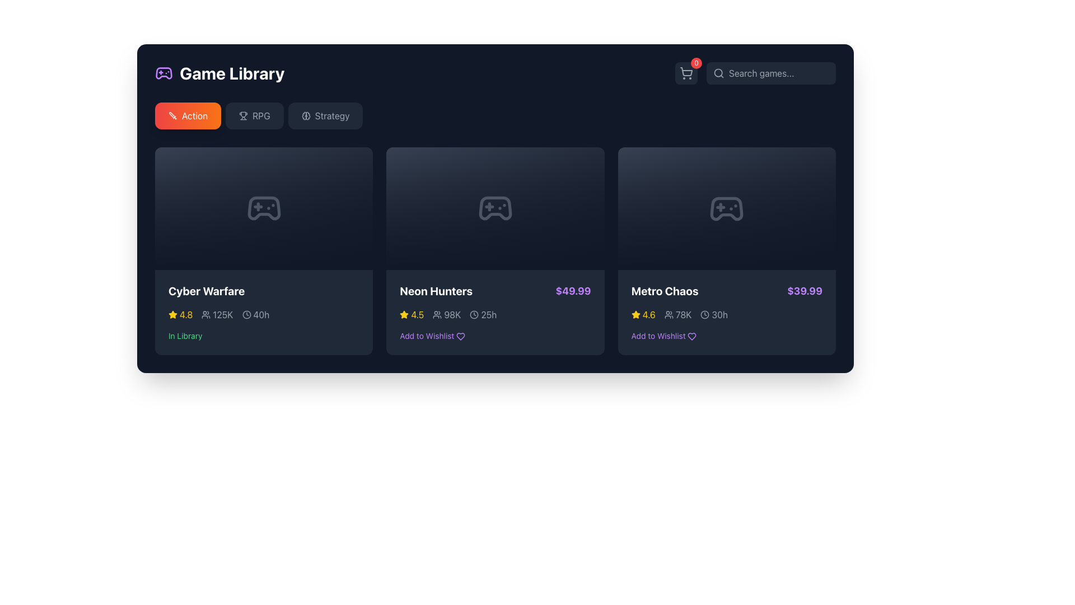  Describe the element at coordinates (223, 315) in the screenshot. I see `text label displaying '125K' which is in light gray font against a dark background, located in the information section of the first game card` at that location.